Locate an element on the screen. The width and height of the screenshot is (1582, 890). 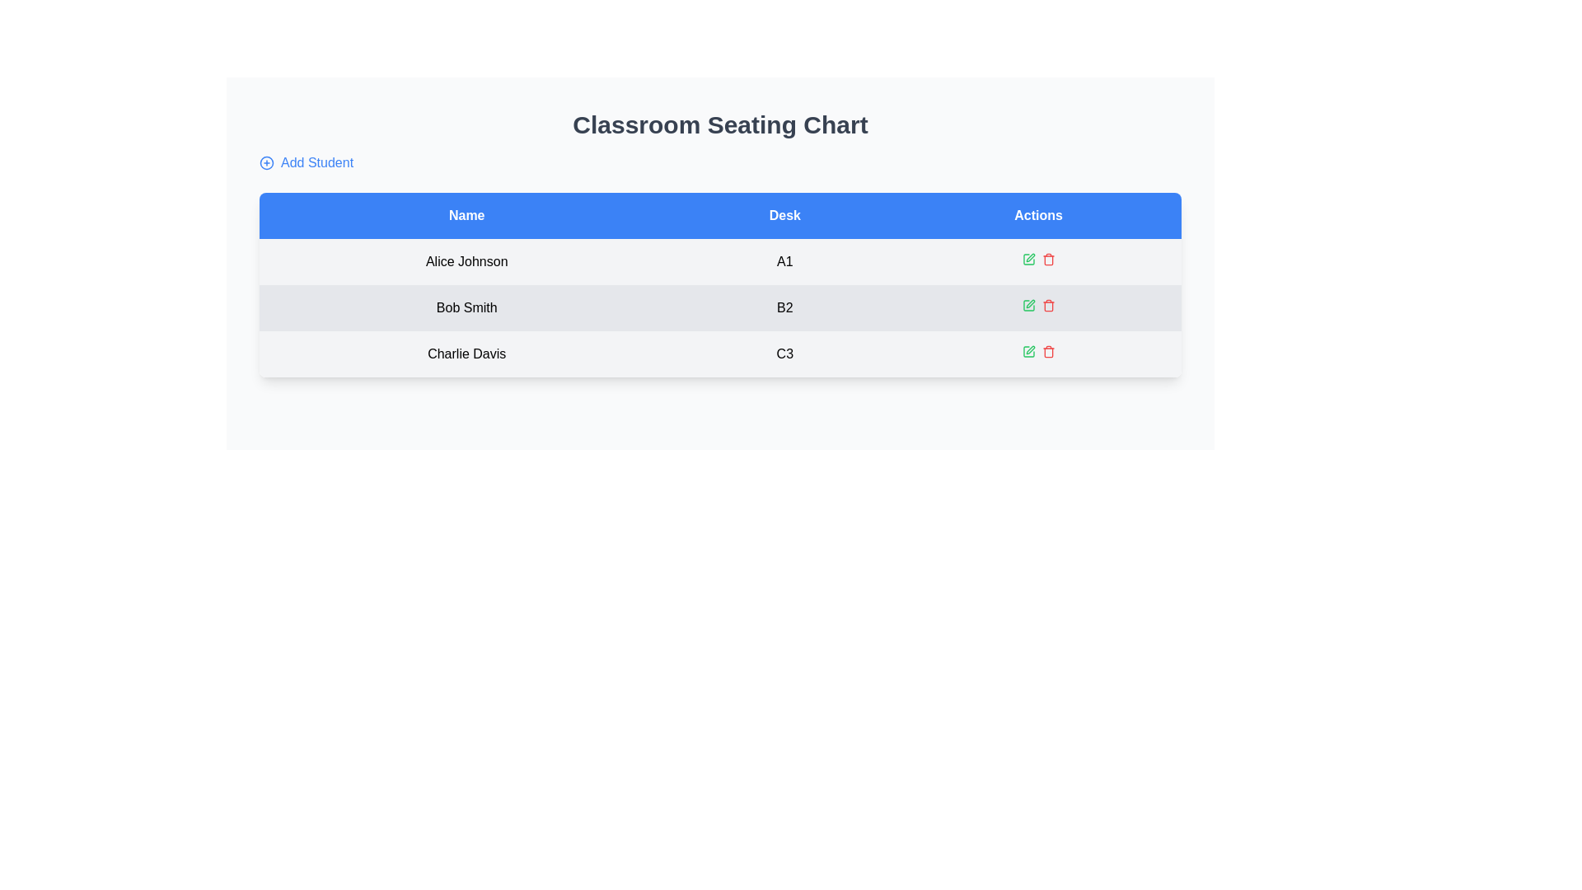
the Header Label that indicates the column for names of individuals in the Classroom Seating Chart table, located at the top-left section of the header row is located at coordinates (466, 215).